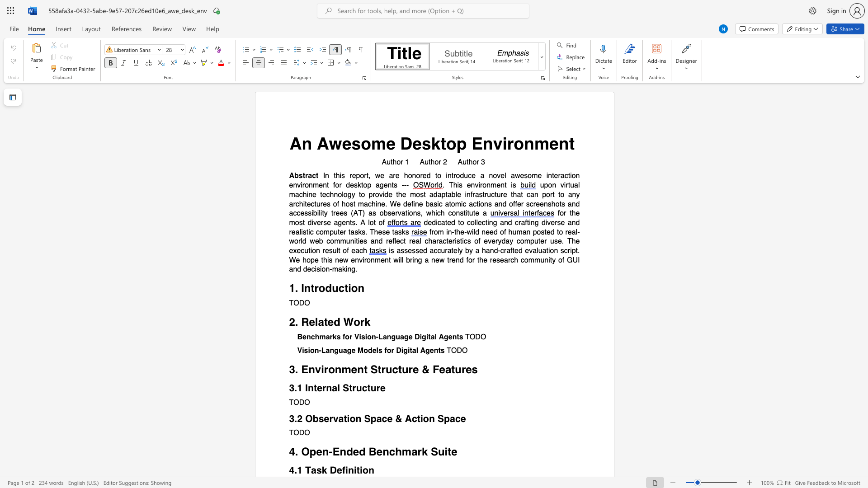 The height and width of the screenshot is (488, 868). What do you see at coordinates (422, 418) in the screenshot?
I see `the subset text "on Space" within the text "3.2 Observation Space & Action Space"` at bounding box center [422, 418].